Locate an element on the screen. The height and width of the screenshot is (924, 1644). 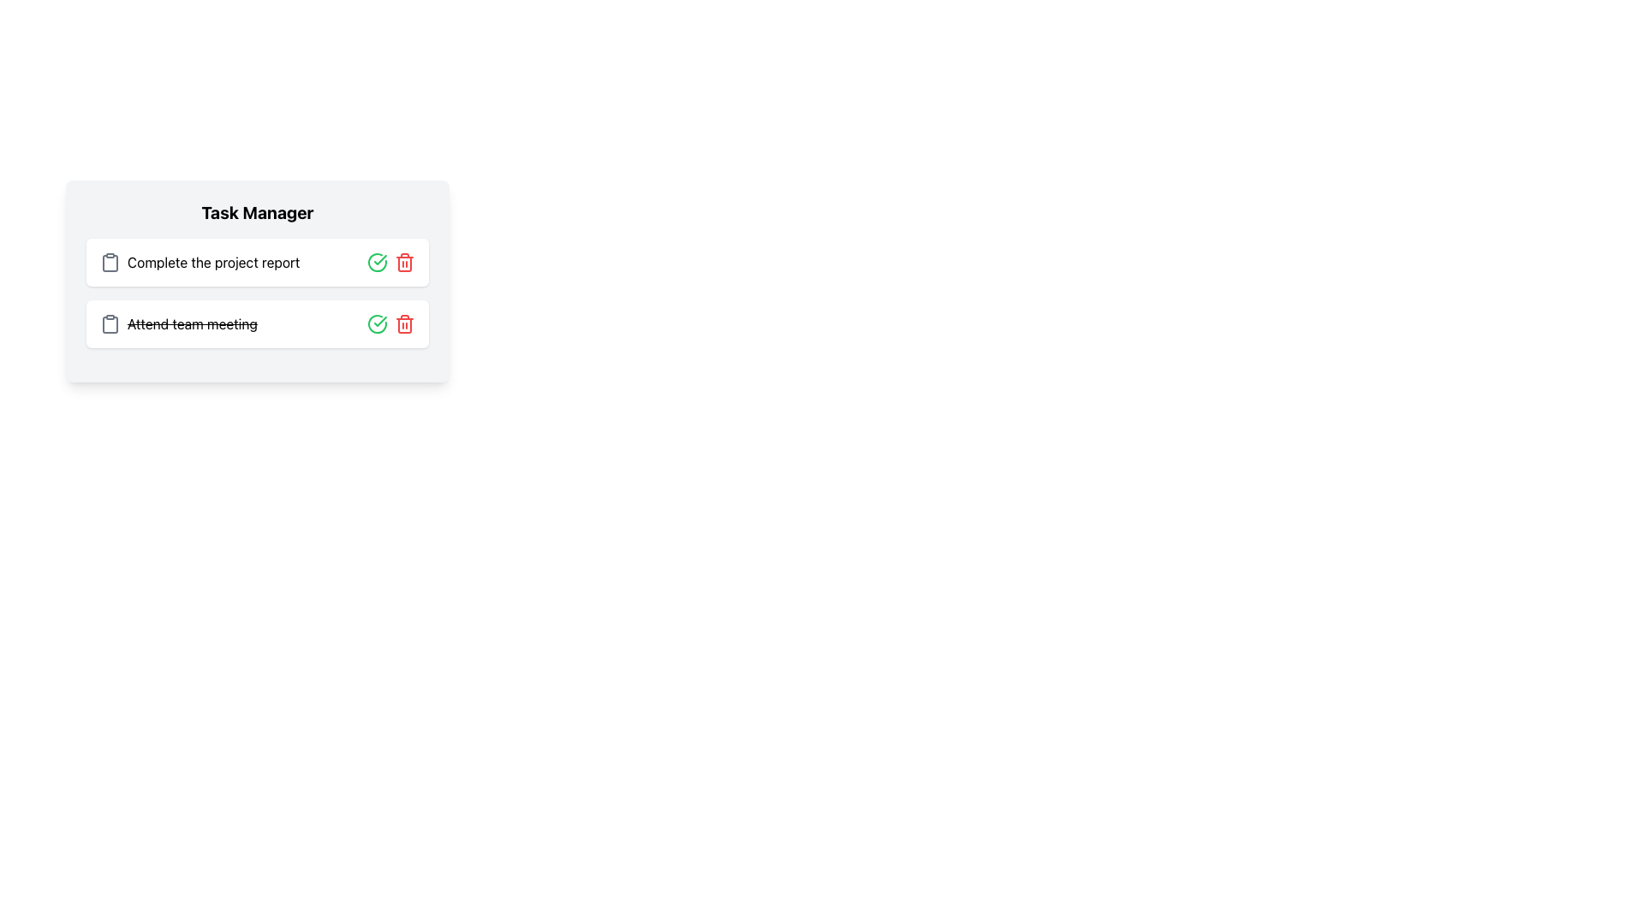
the circular icon with a green border and a checkmark inside to mark the task 'Complete the project report' as completed is located at coordinates (377, 263).